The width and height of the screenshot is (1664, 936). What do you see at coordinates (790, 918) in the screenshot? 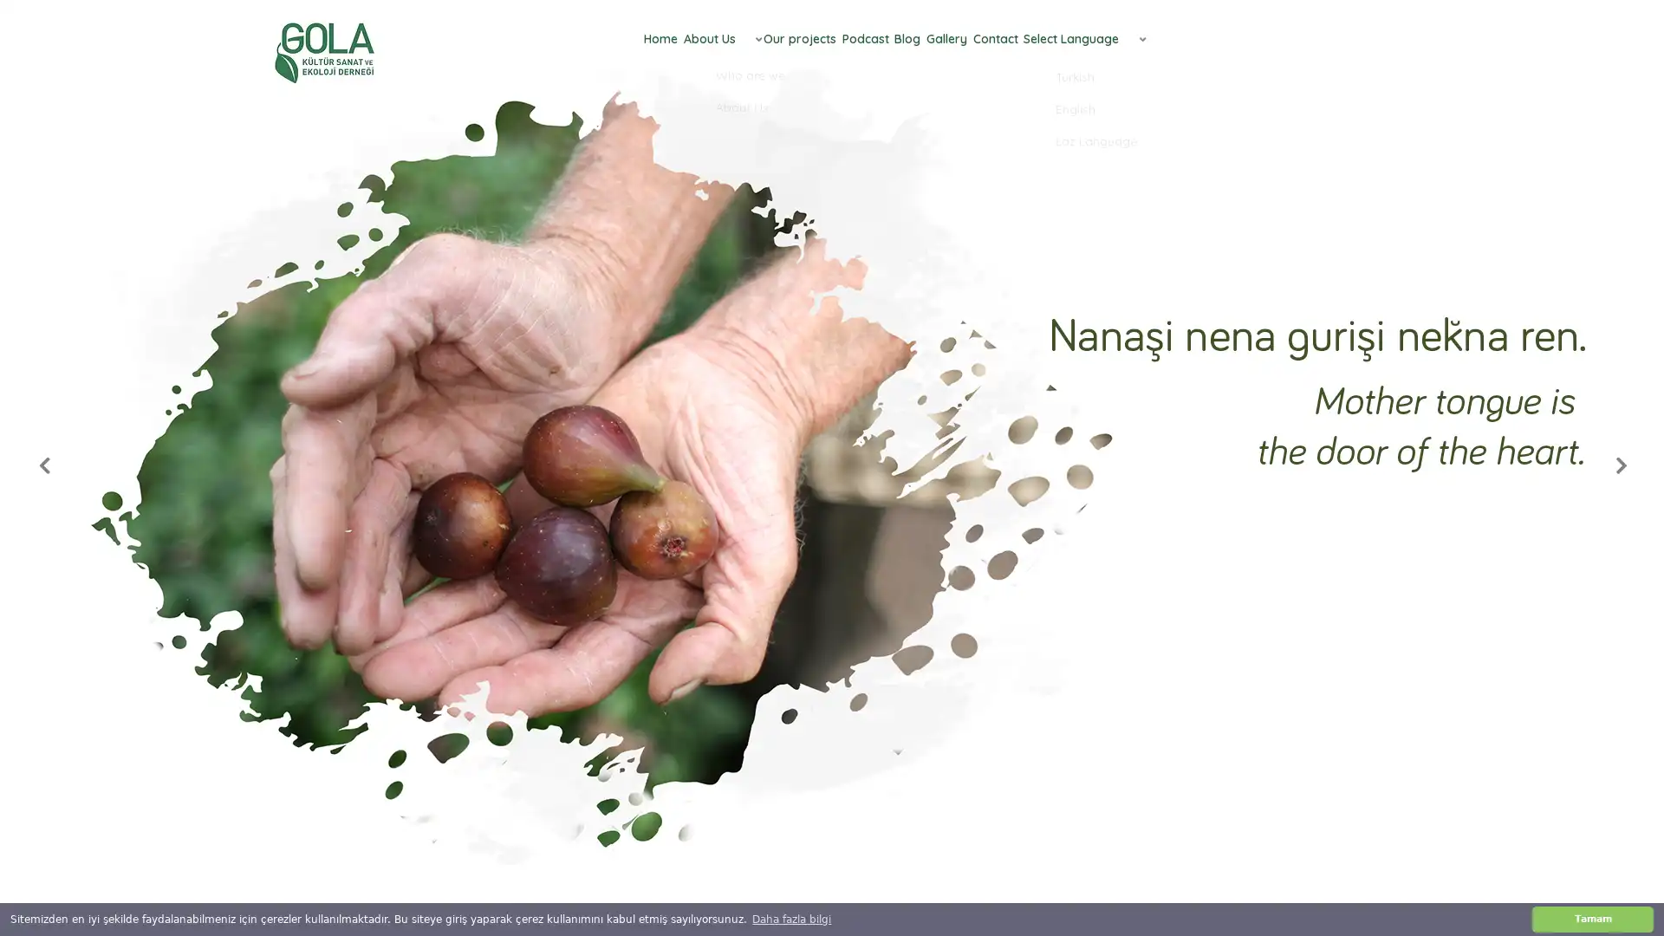
I see `erezler hakknda` at bounding box center [790, 918].